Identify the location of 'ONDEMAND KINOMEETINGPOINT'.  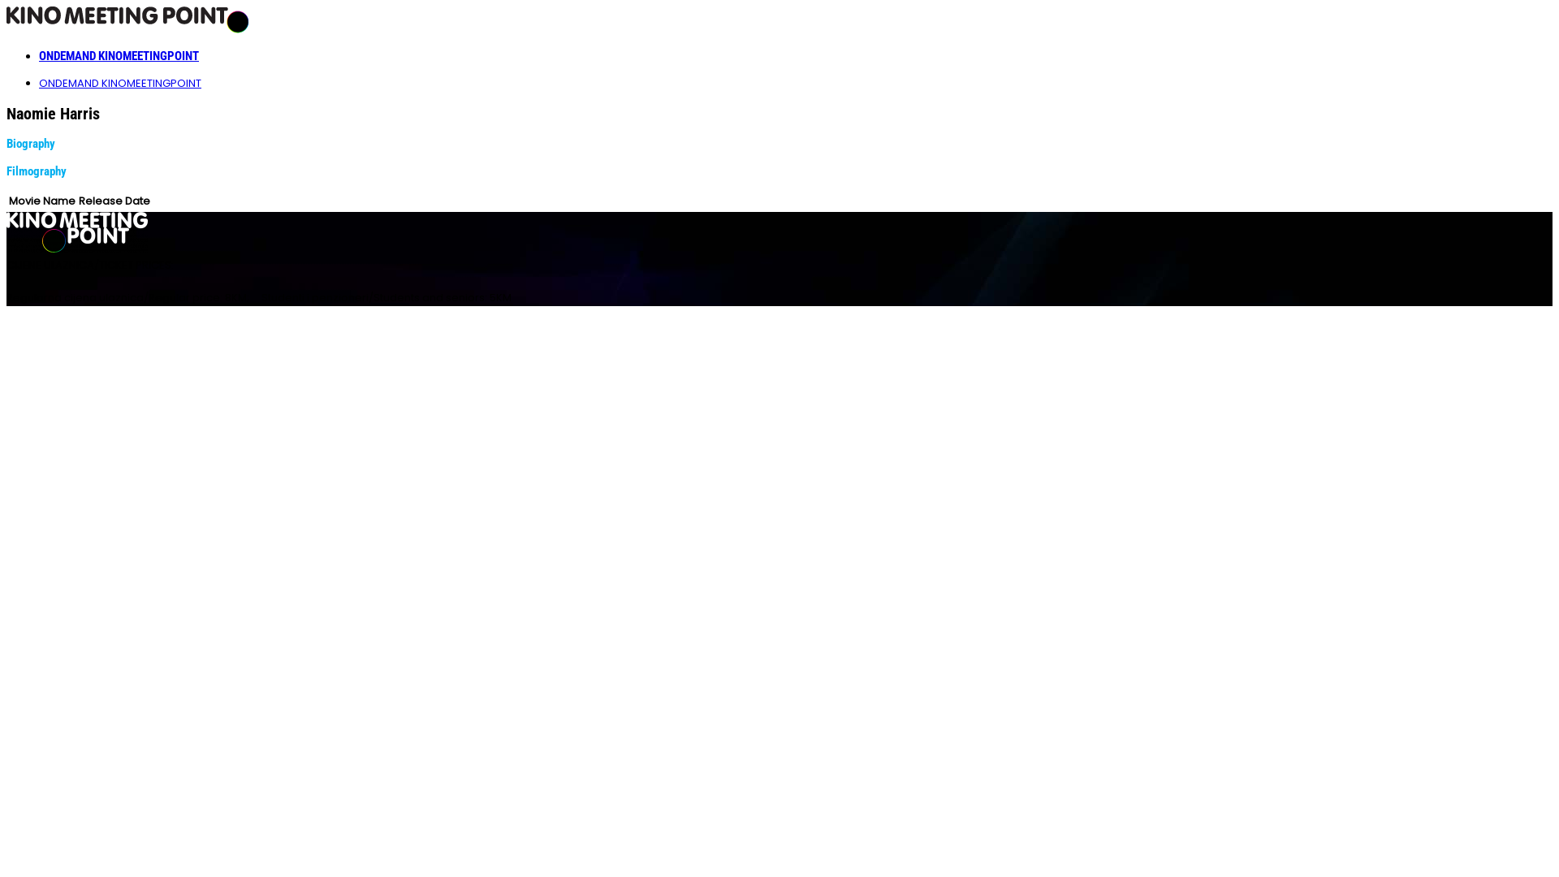
(39, 83).